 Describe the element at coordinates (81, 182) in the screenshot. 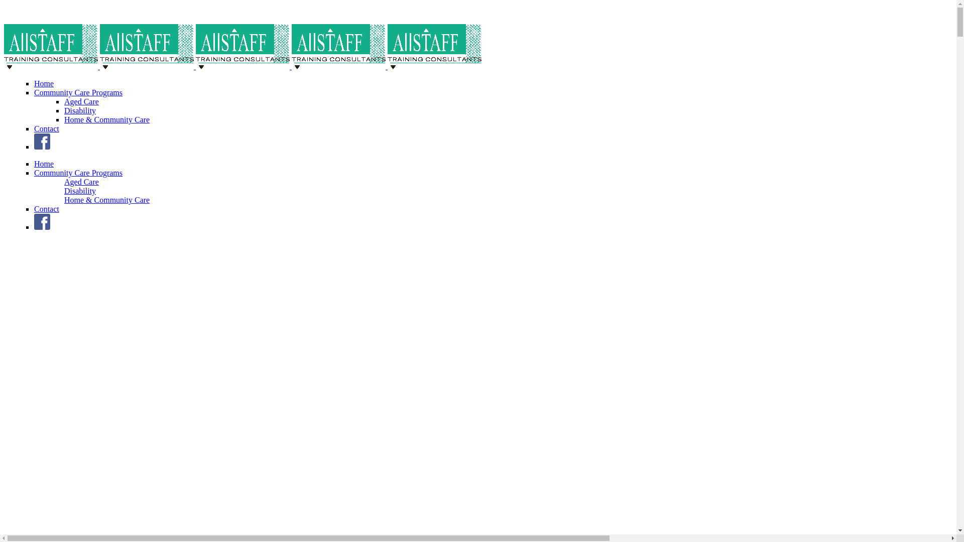

I see `'Aged Care'` at that location.